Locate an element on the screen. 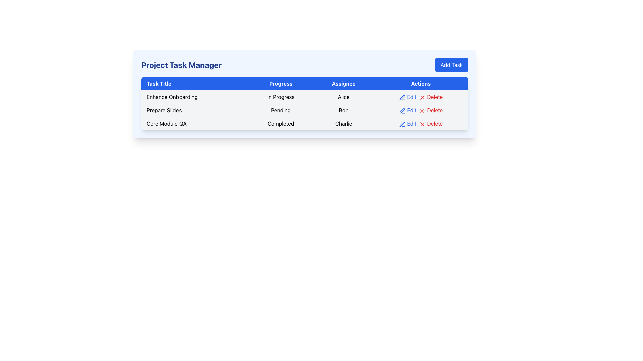 The image size is (643, 361). the text label displaying 'Alice' in the 'Assignee' column for the 'Enhance Onboarding' task located in the task management table is located at coordinates (344, 97).